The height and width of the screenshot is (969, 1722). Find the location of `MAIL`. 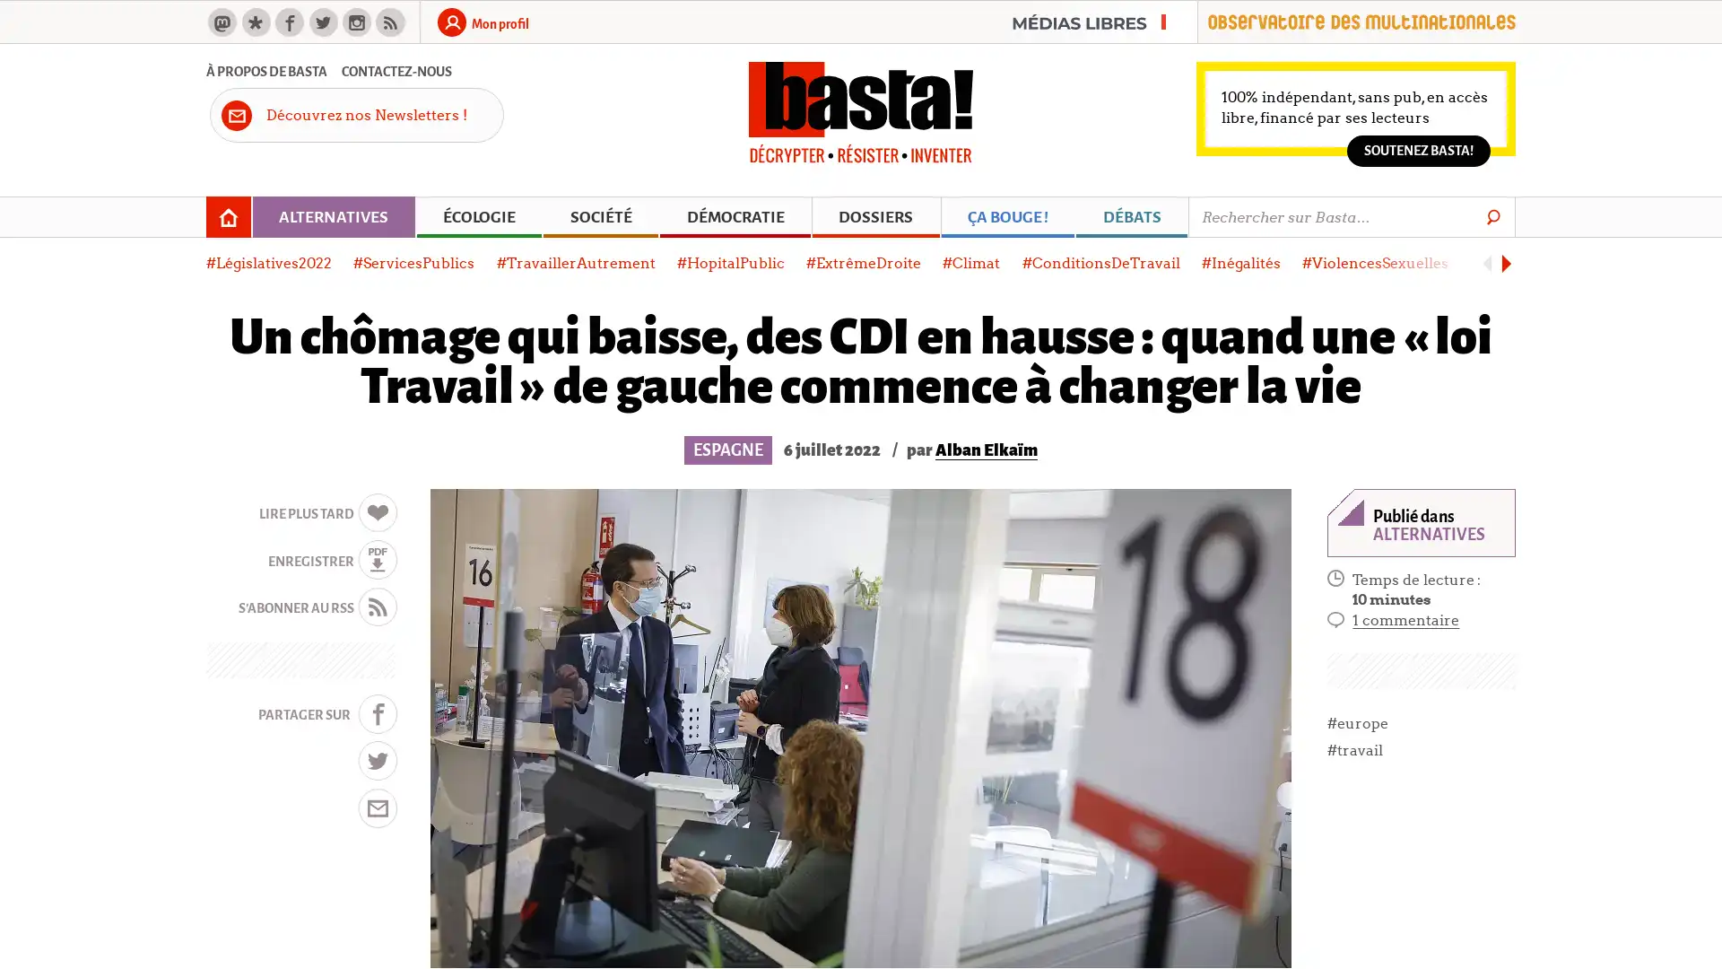

MAIL is located at coordinates (376, 807).